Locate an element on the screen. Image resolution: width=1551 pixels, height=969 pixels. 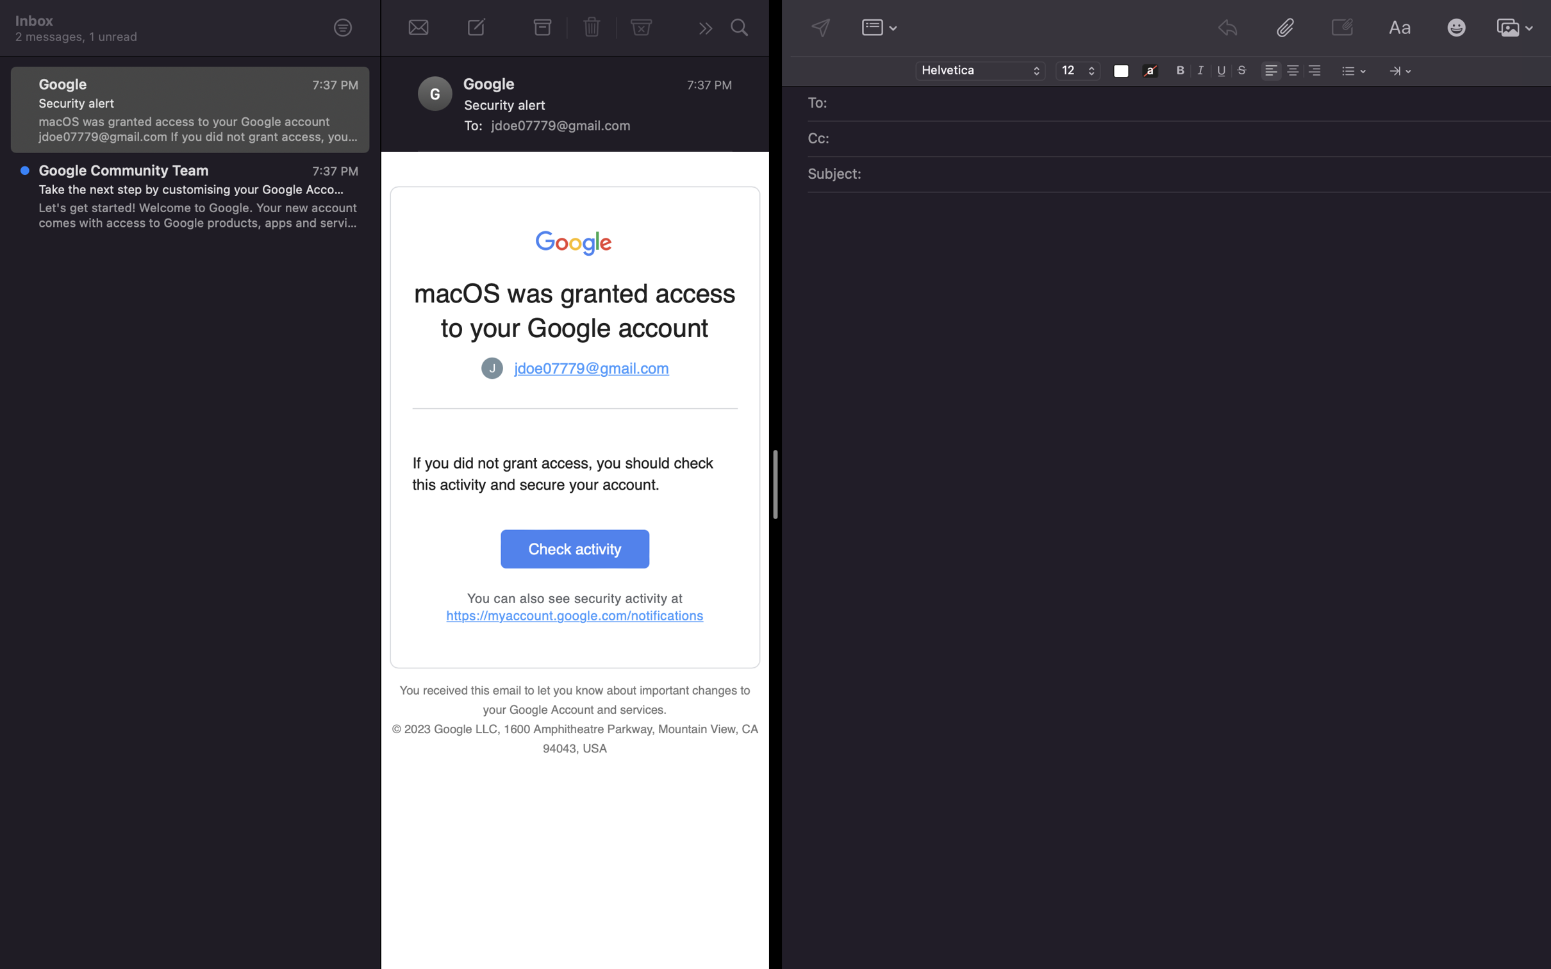
Insert "beck@gmail.com" as the receiver in the email form is located at coordinates (1188, 104).